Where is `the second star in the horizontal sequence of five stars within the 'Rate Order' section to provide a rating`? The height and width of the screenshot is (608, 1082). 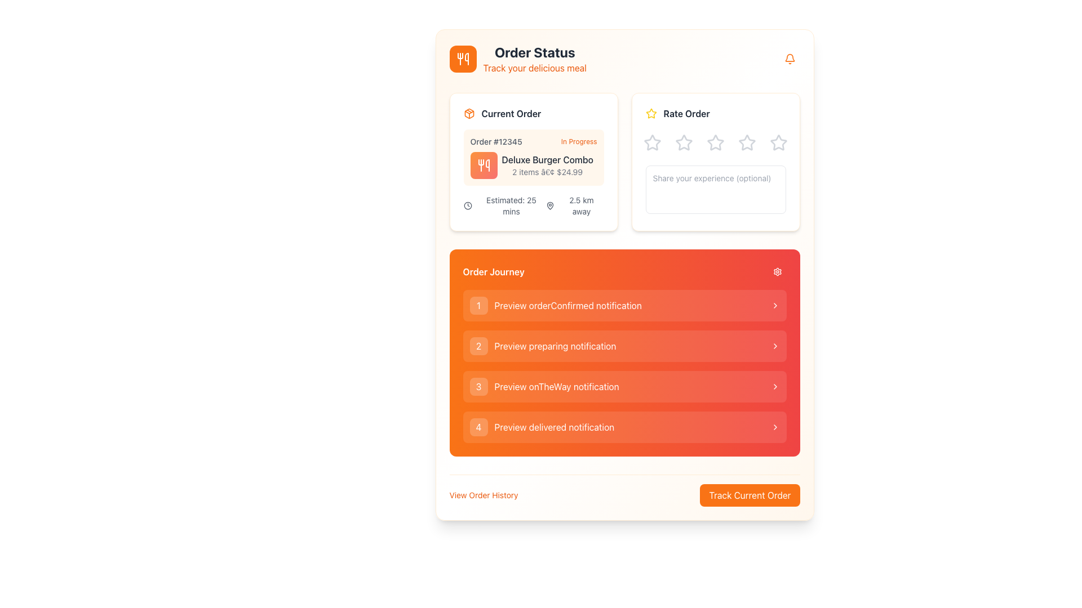 the second star in the horizontal sequence of five stars within the 'Rate Order' section to provide a rating is located at coordinates (684, 142).